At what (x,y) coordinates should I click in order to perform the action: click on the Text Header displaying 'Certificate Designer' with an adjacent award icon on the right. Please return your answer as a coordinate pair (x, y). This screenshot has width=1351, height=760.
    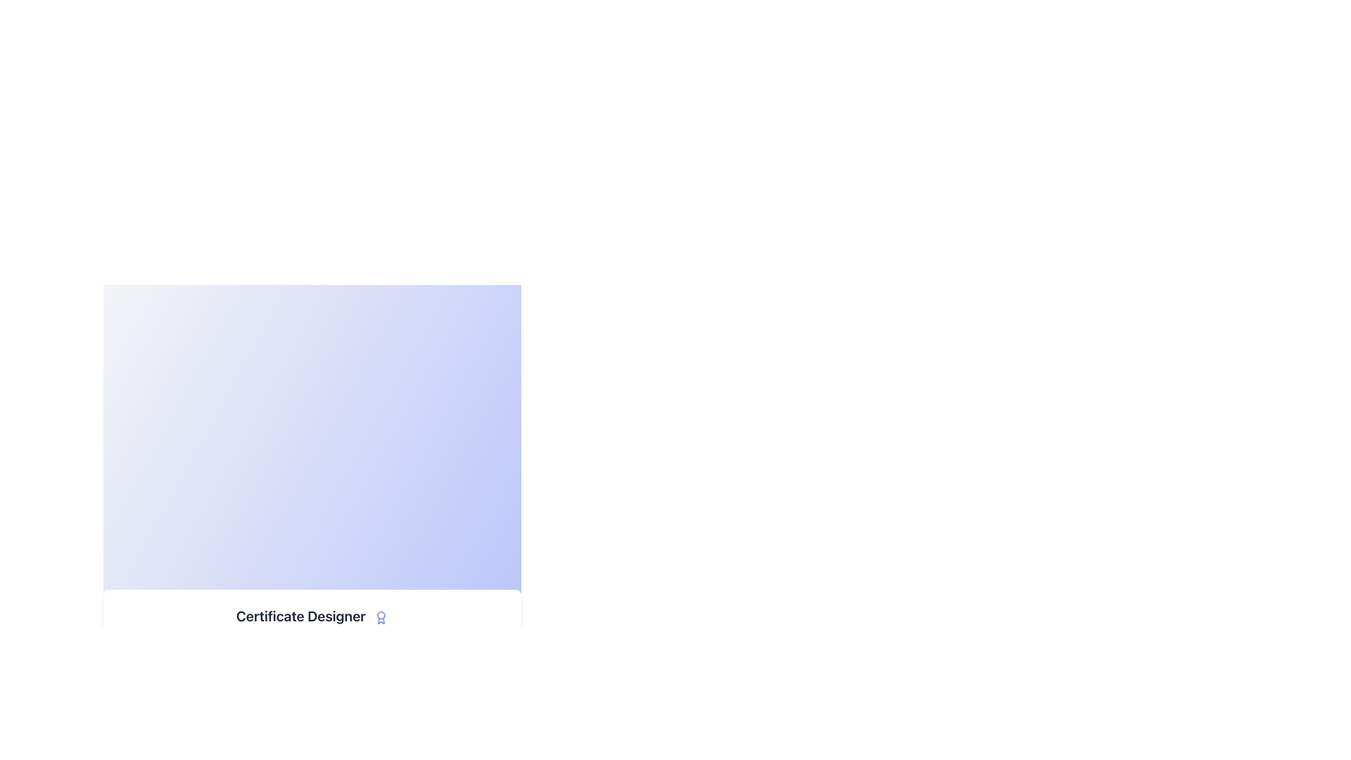
    Looking at the image, I should click on (312, 615).